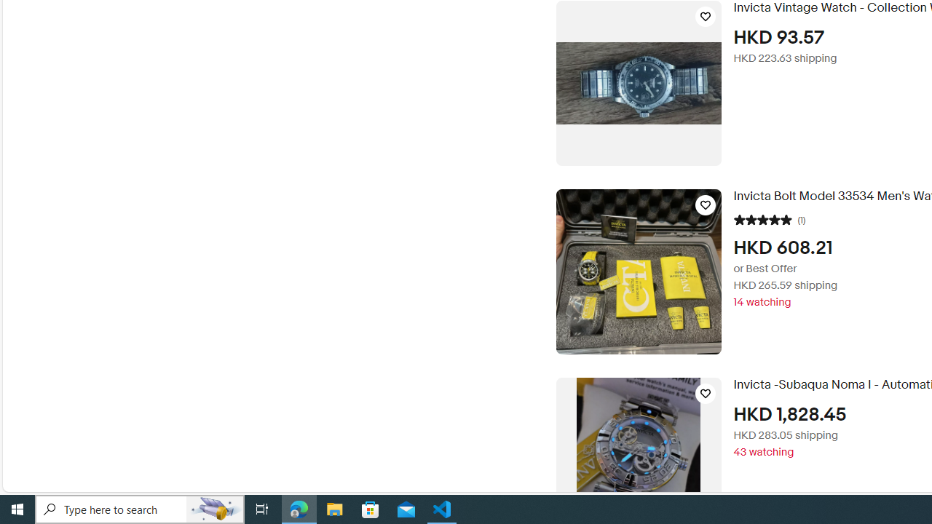 This screenshot has width=932, height=524. Describe the element at coordinates (762, 218) in the screenshot. I see `'5 out of 5 stars'` at that location.